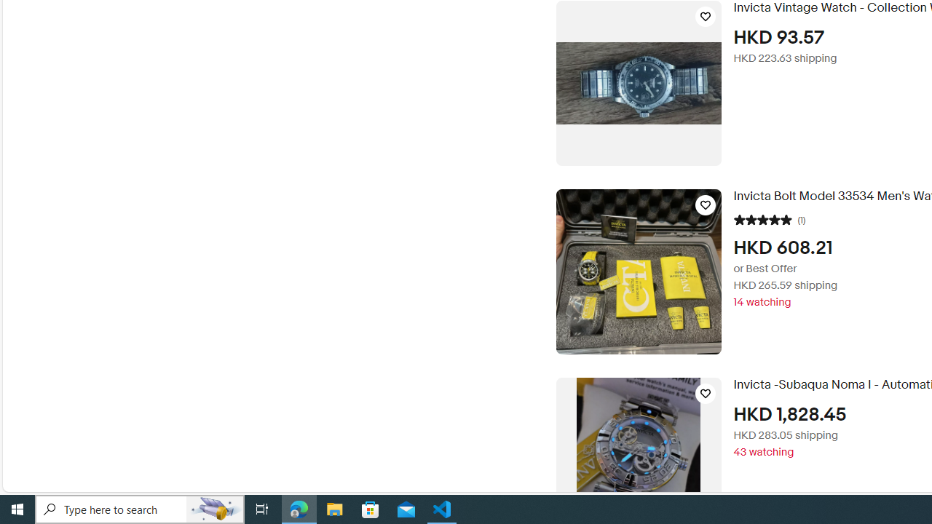 This screenshot has width=932, height=524. Describe the element at coordinates (762, 218) in the screenshot. I see `'5 out of 5 stars'` at that location.